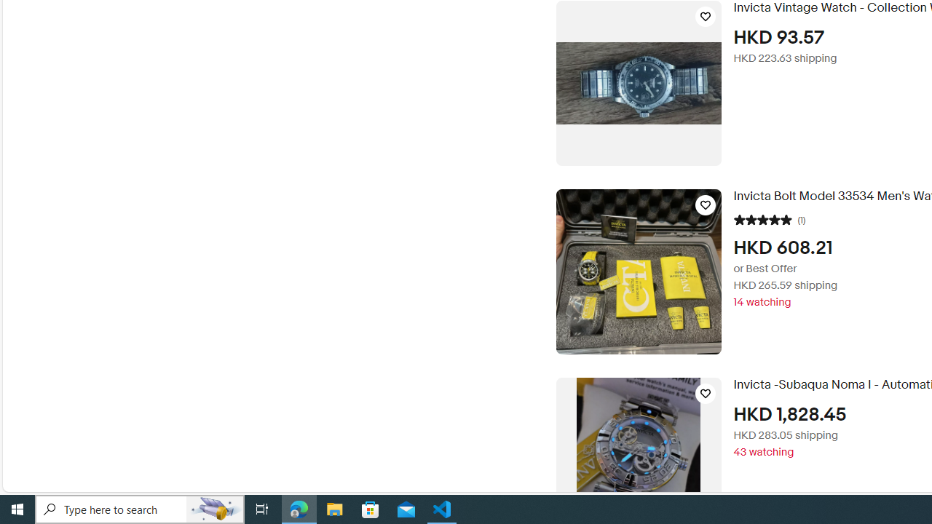 This screenshot has width=932, height=524. Describe the element at coordinates (762, 218) in the screenshot. I see `'5 out of 5 stars'` at that location.